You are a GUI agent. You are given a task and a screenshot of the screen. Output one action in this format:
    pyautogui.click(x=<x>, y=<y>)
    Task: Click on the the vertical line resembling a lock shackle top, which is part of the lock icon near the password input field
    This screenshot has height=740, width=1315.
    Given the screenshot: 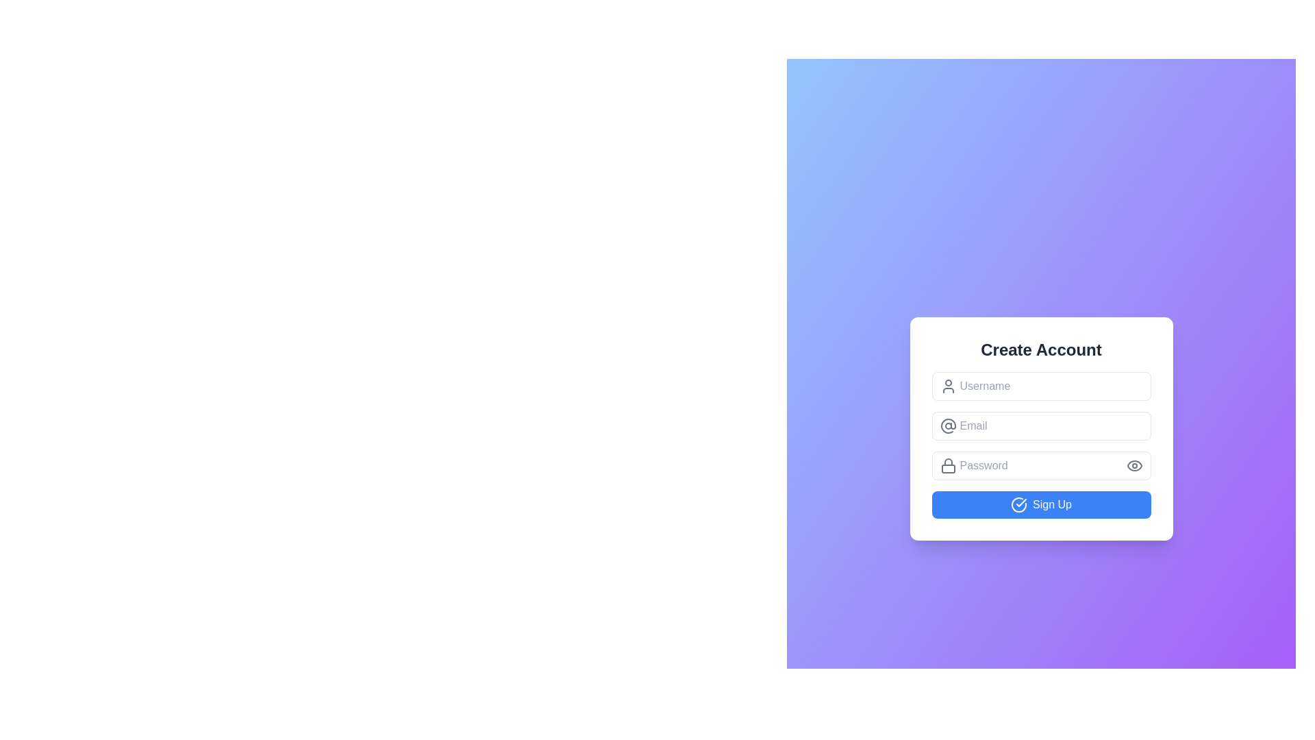 What is the action you would take?
    pyautogui.click(x=947, y=462)
    